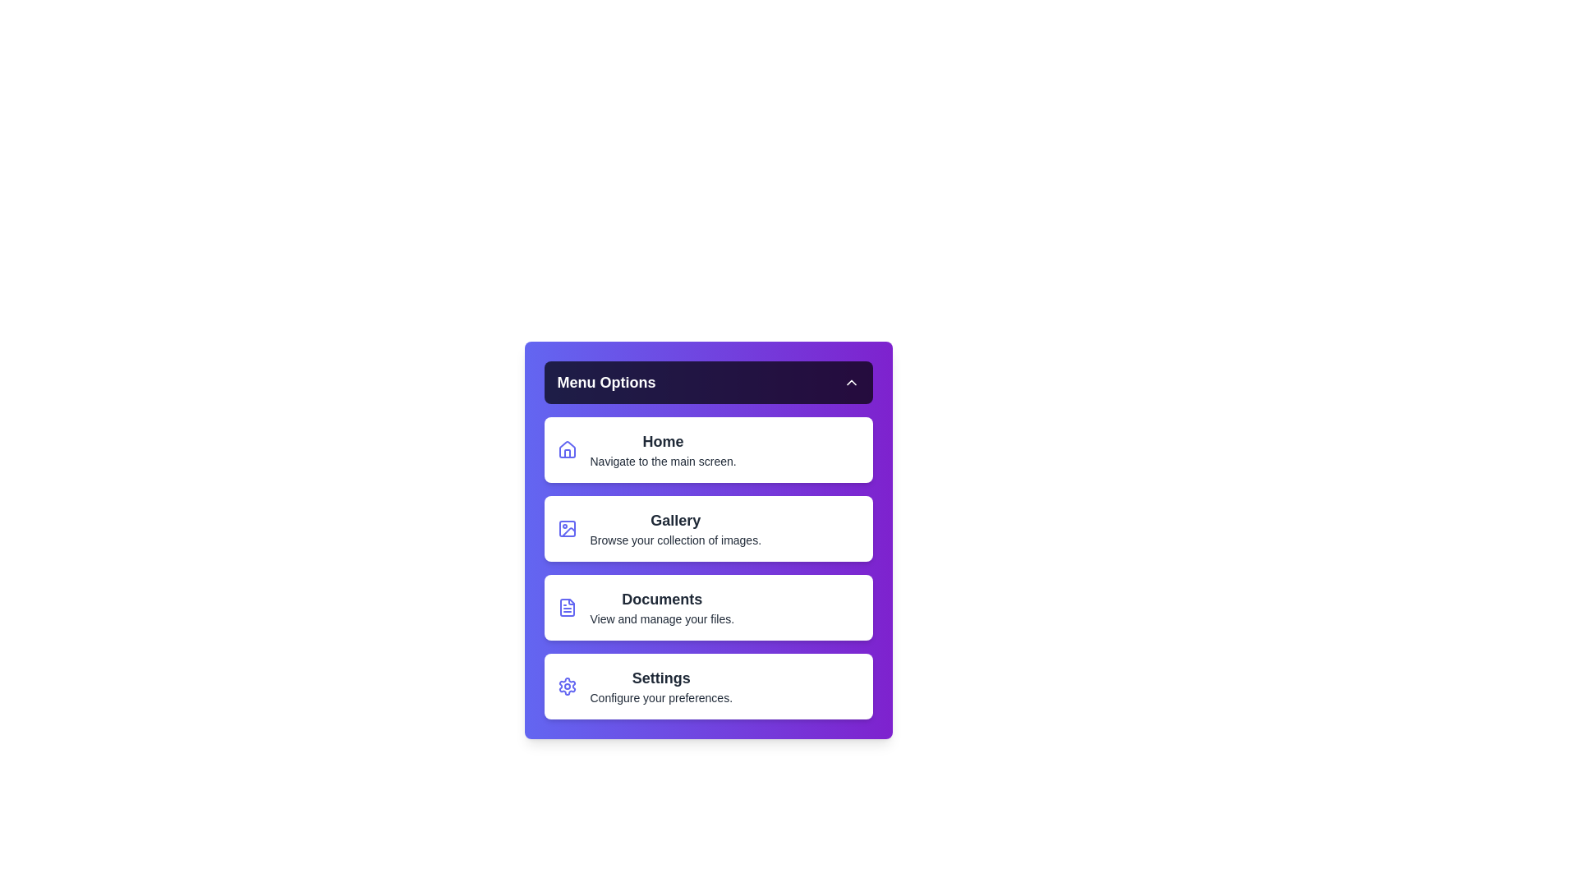 The height and width of the screenshot is (887, 1577). I want to click on the menu item labeled Documents, so click(708, 608).